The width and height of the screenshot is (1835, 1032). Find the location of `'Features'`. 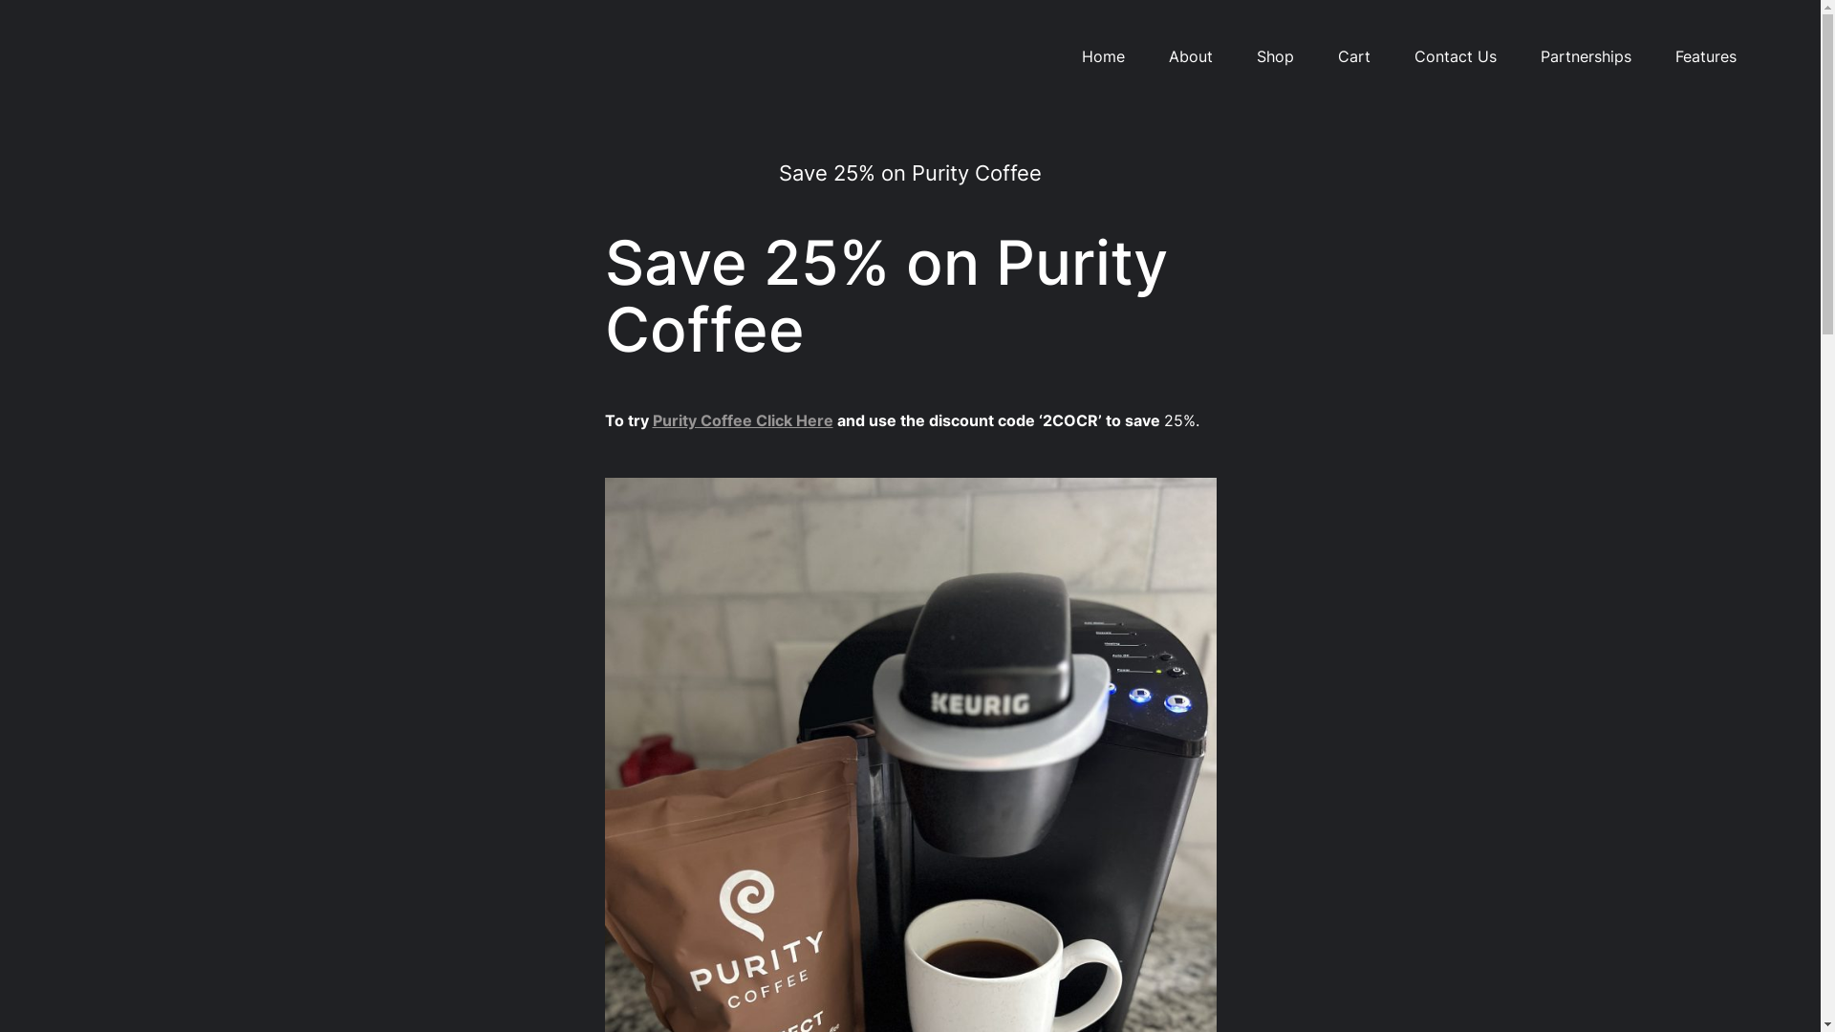

'Features' is located at coordinates (1673, 55).